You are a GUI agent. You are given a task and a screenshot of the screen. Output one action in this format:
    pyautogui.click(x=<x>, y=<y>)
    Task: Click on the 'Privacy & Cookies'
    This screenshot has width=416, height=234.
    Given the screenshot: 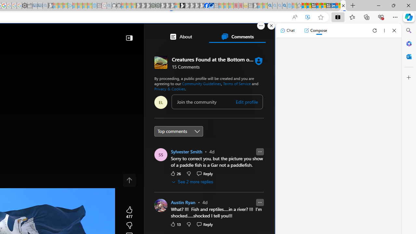 What is the action you would take?
    pyautogui.click(x=169, y=88)
    